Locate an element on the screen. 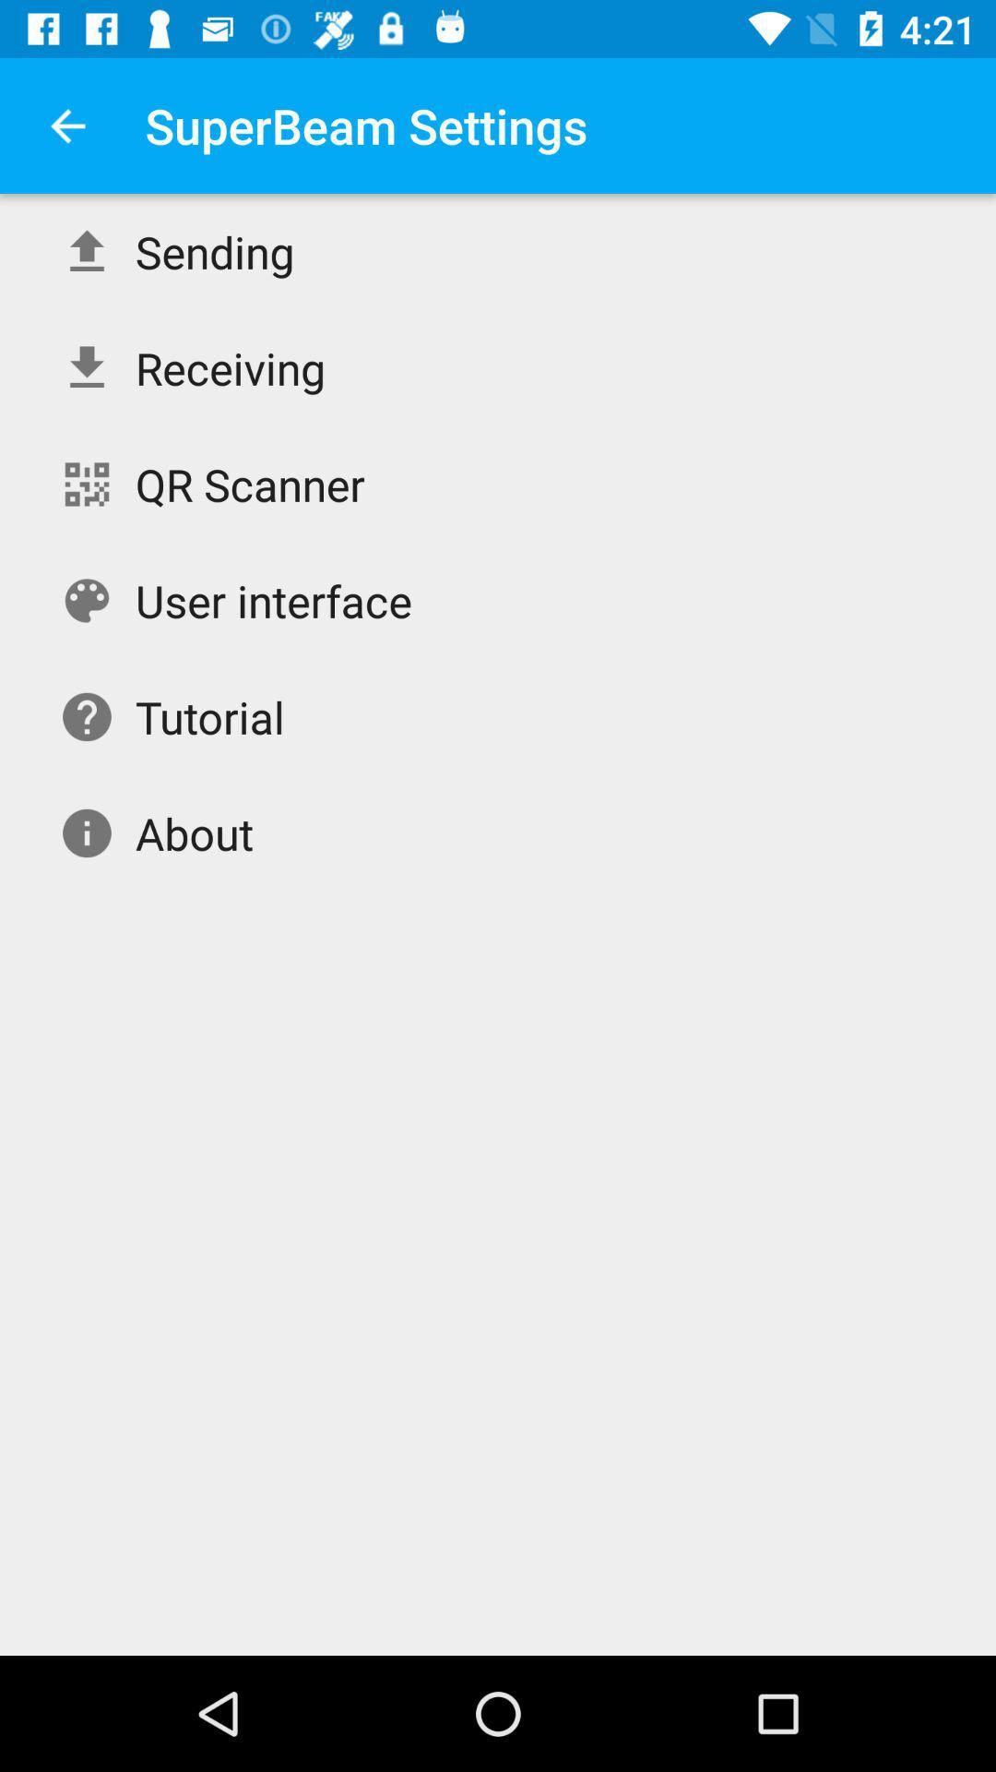 The height and width of the screenshot is (1772, 996). the receiving is located at coordinates (230, 367).